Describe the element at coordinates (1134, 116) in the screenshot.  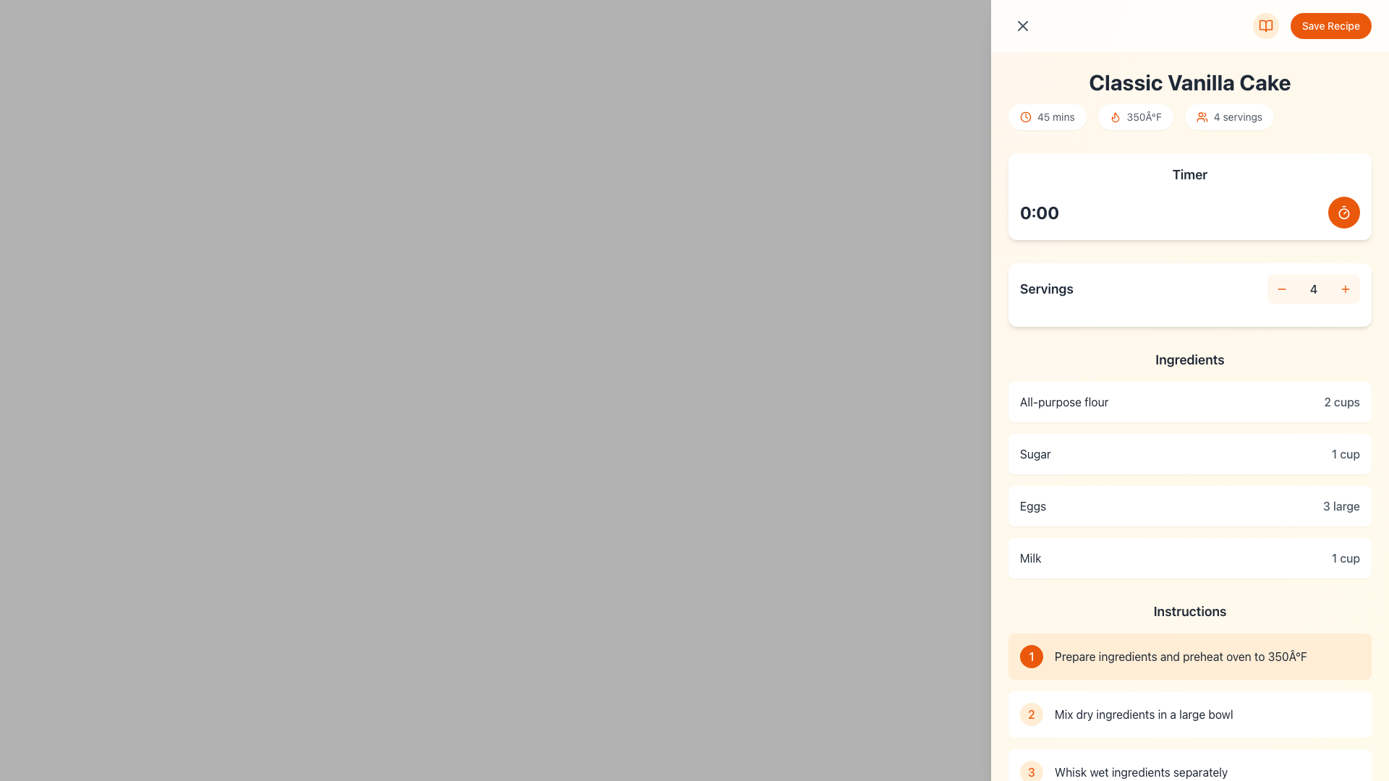
I see `the temperature label that displays the oven temperature for the recipe, located between the '45 mins' badge and the '4 servings' badge under the 'Classic Vanilla Cake' heading` at that location.